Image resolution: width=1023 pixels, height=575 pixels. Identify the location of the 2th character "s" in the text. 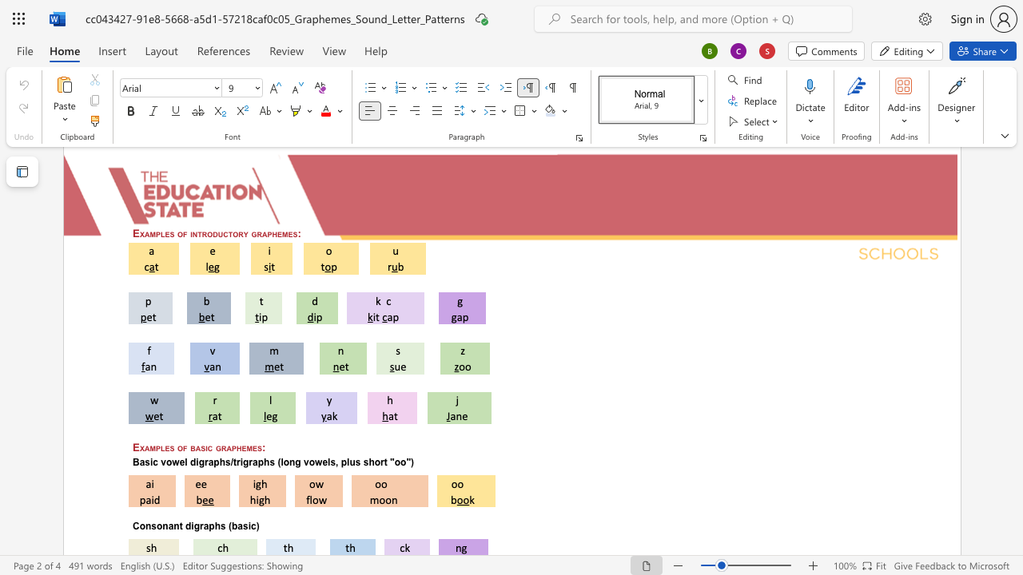
(202, 447).